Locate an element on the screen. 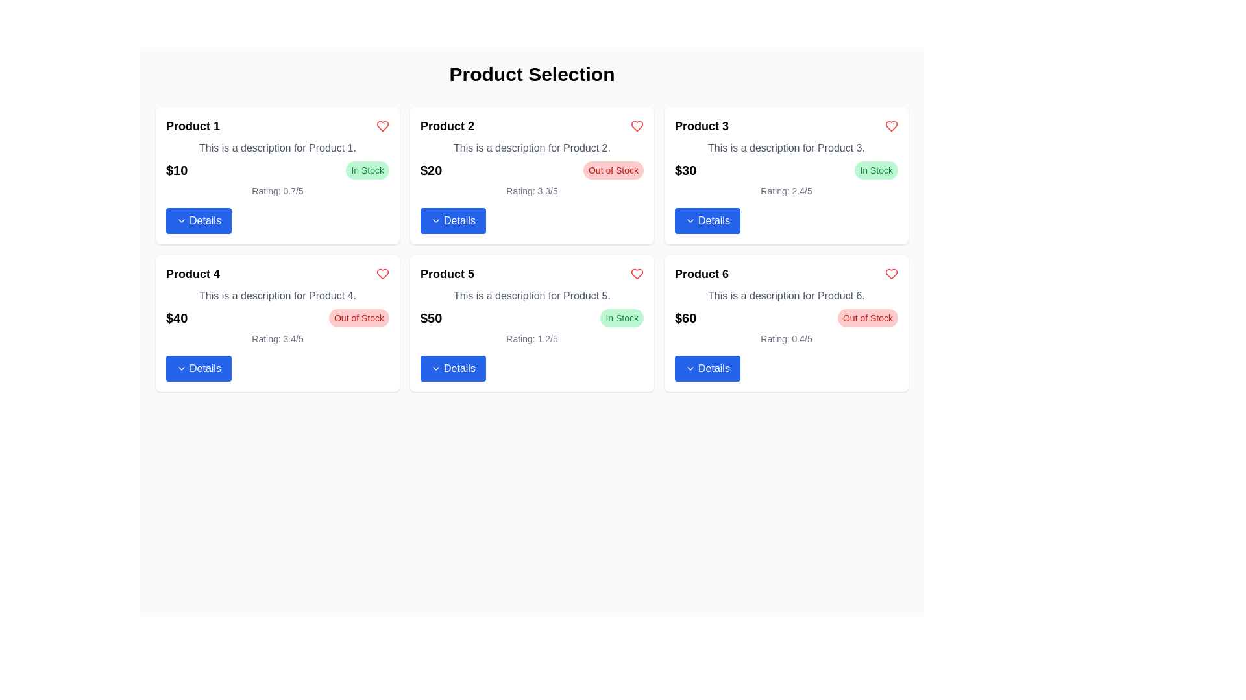 This screenshot has width=1246, height=700. the price label of 'Product 2', which is positioned below the product title and above the 'Details' button on the second card in the top row of the grid layout is located at coordinates (431, 169).